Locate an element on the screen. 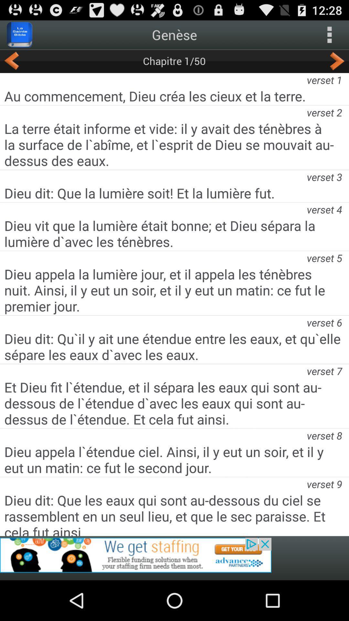  the arrow_backward icon is located at coordinates (12, 65).